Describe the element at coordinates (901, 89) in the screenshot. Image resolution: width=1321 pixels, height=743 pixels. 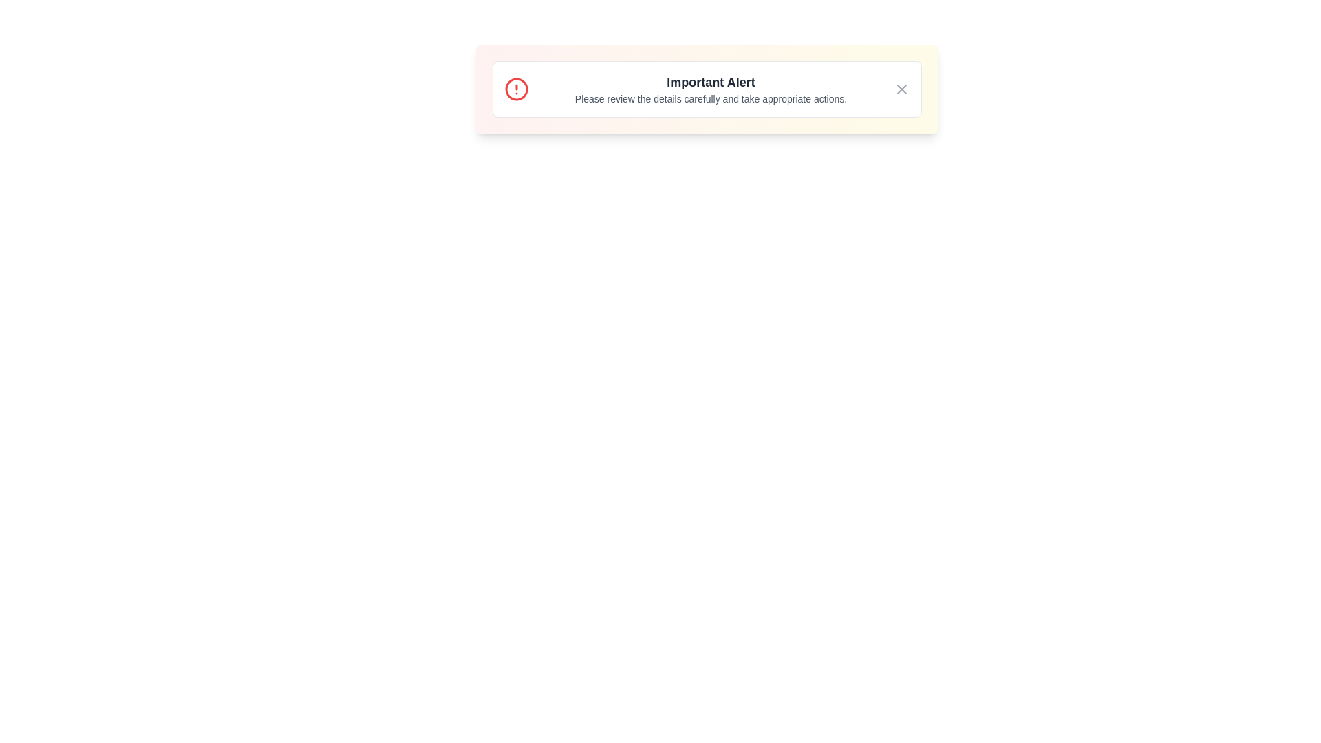
I see `the cross icon located in the upper-right corner of the alert pop-up` at that location.